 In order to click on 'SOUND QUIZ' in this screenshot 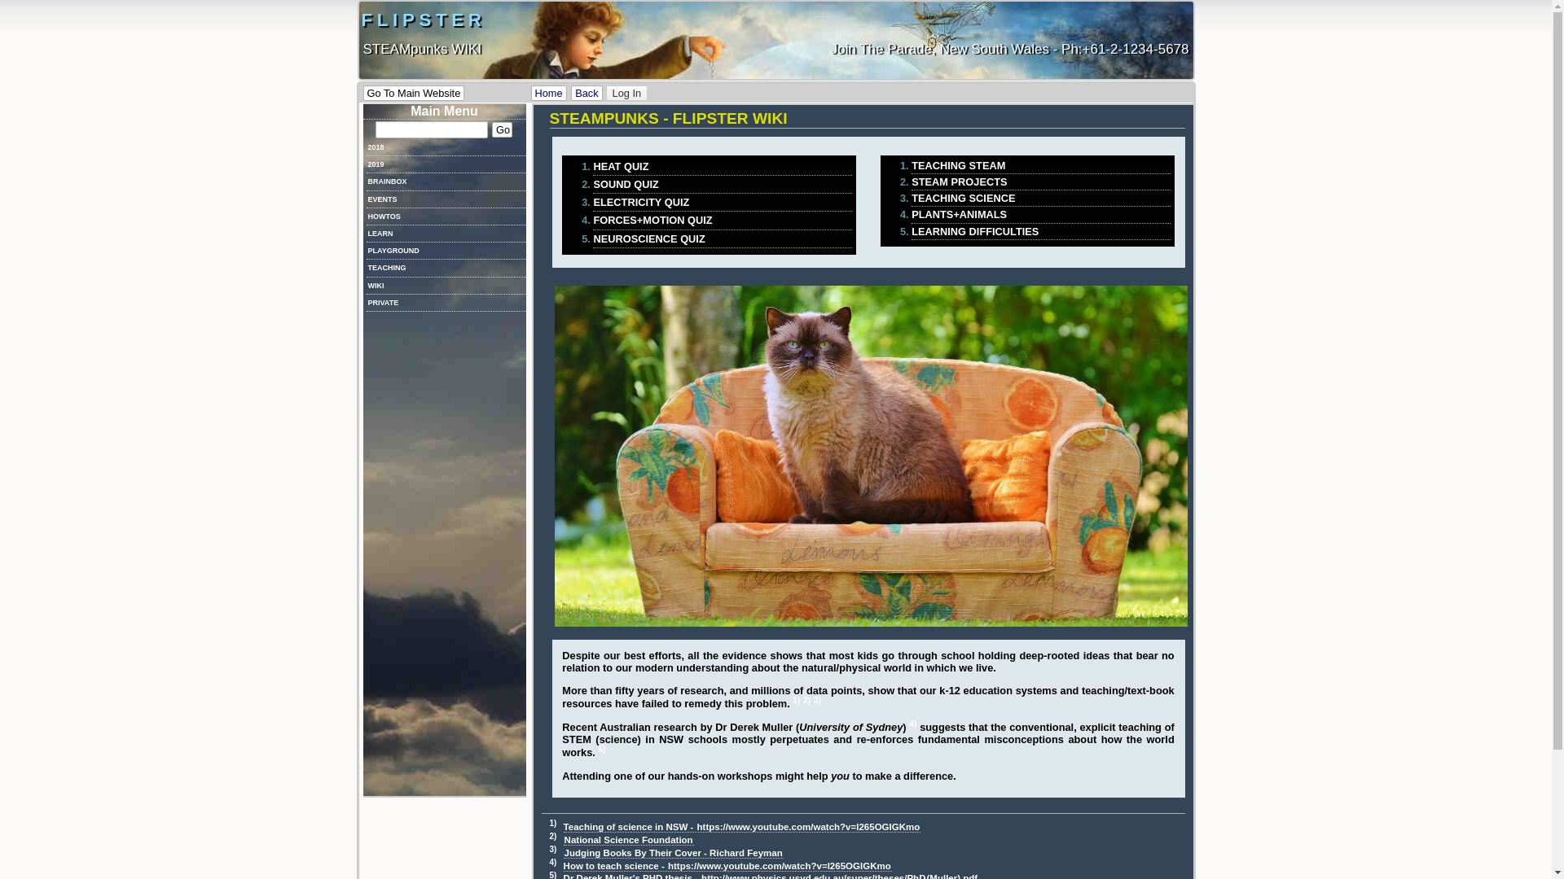, I will do `click(721, 184)`.